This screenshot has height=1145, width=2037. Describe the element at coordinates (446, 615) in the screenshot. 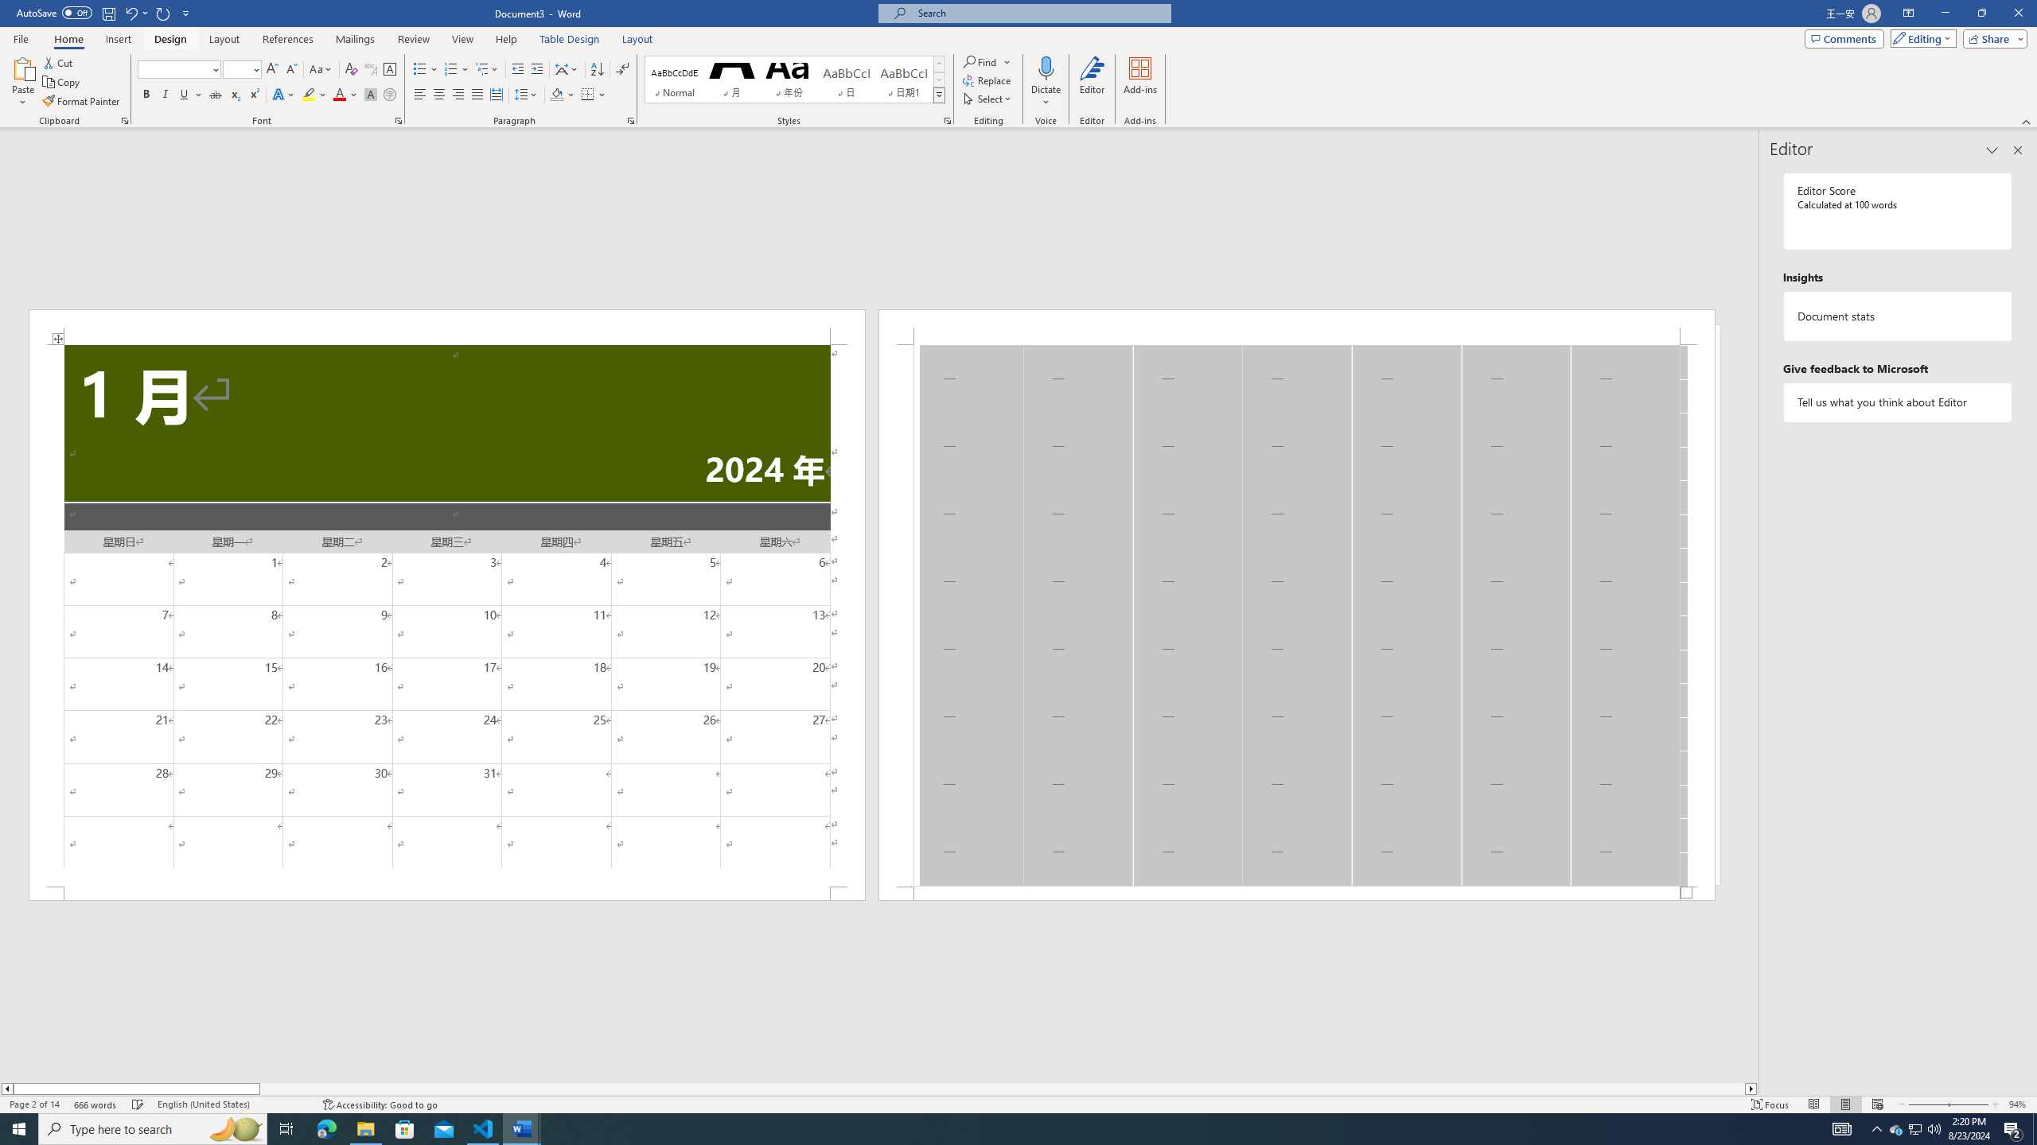

I see `'Page 1 content'` at that location.